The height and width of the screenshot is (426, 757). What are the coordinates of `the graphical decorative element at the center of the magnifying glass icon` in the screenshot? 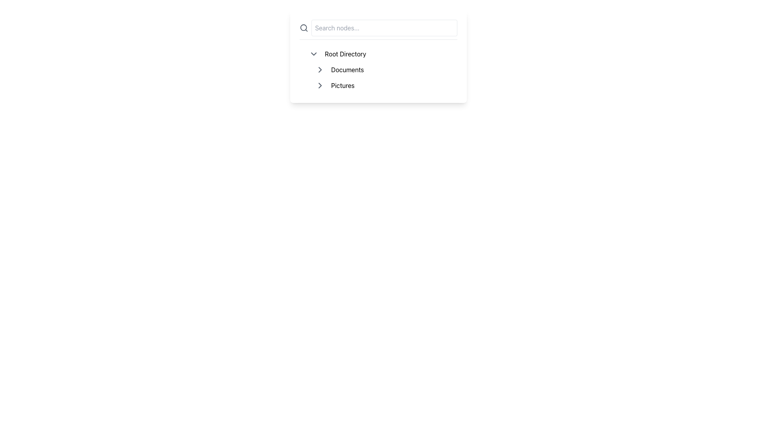 It's located at (303, 27).